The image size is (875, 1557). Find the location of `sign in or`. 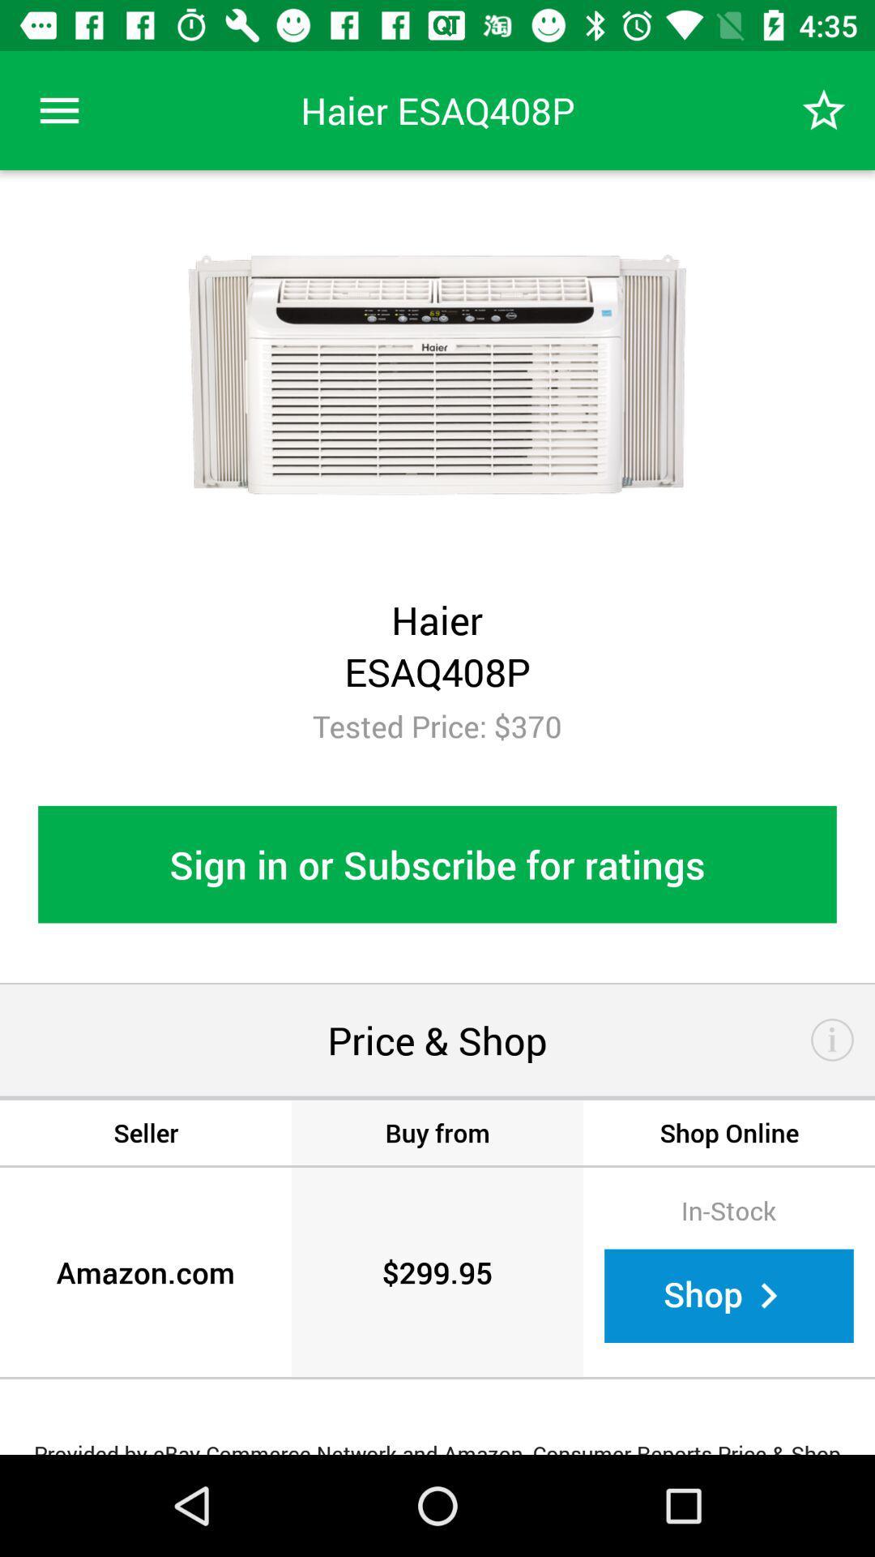

sign in or is located at coordinates (437, 864).